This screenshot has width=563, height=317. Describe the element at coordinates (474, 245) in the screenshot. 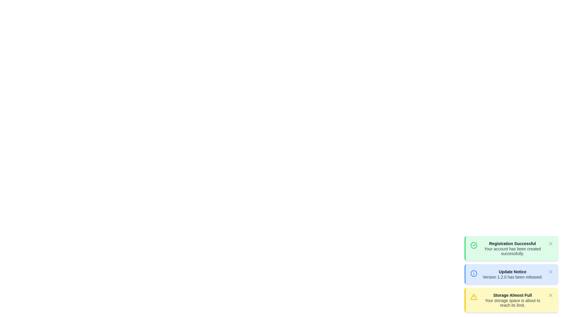

I see `the success icon indicating 'Your account has been created successfully' in the notification box titled 'Registration Successful'` at that location.